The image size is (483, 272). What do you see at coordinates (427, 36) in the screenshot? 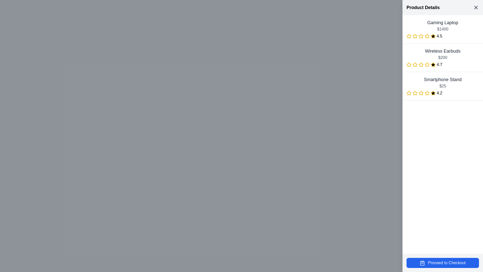
I see `the fifth star icon representing the rating value for the 'Gaming Laptop' product, which is positioned to the right of four yellow star icons` at bounding box center [427, 36].